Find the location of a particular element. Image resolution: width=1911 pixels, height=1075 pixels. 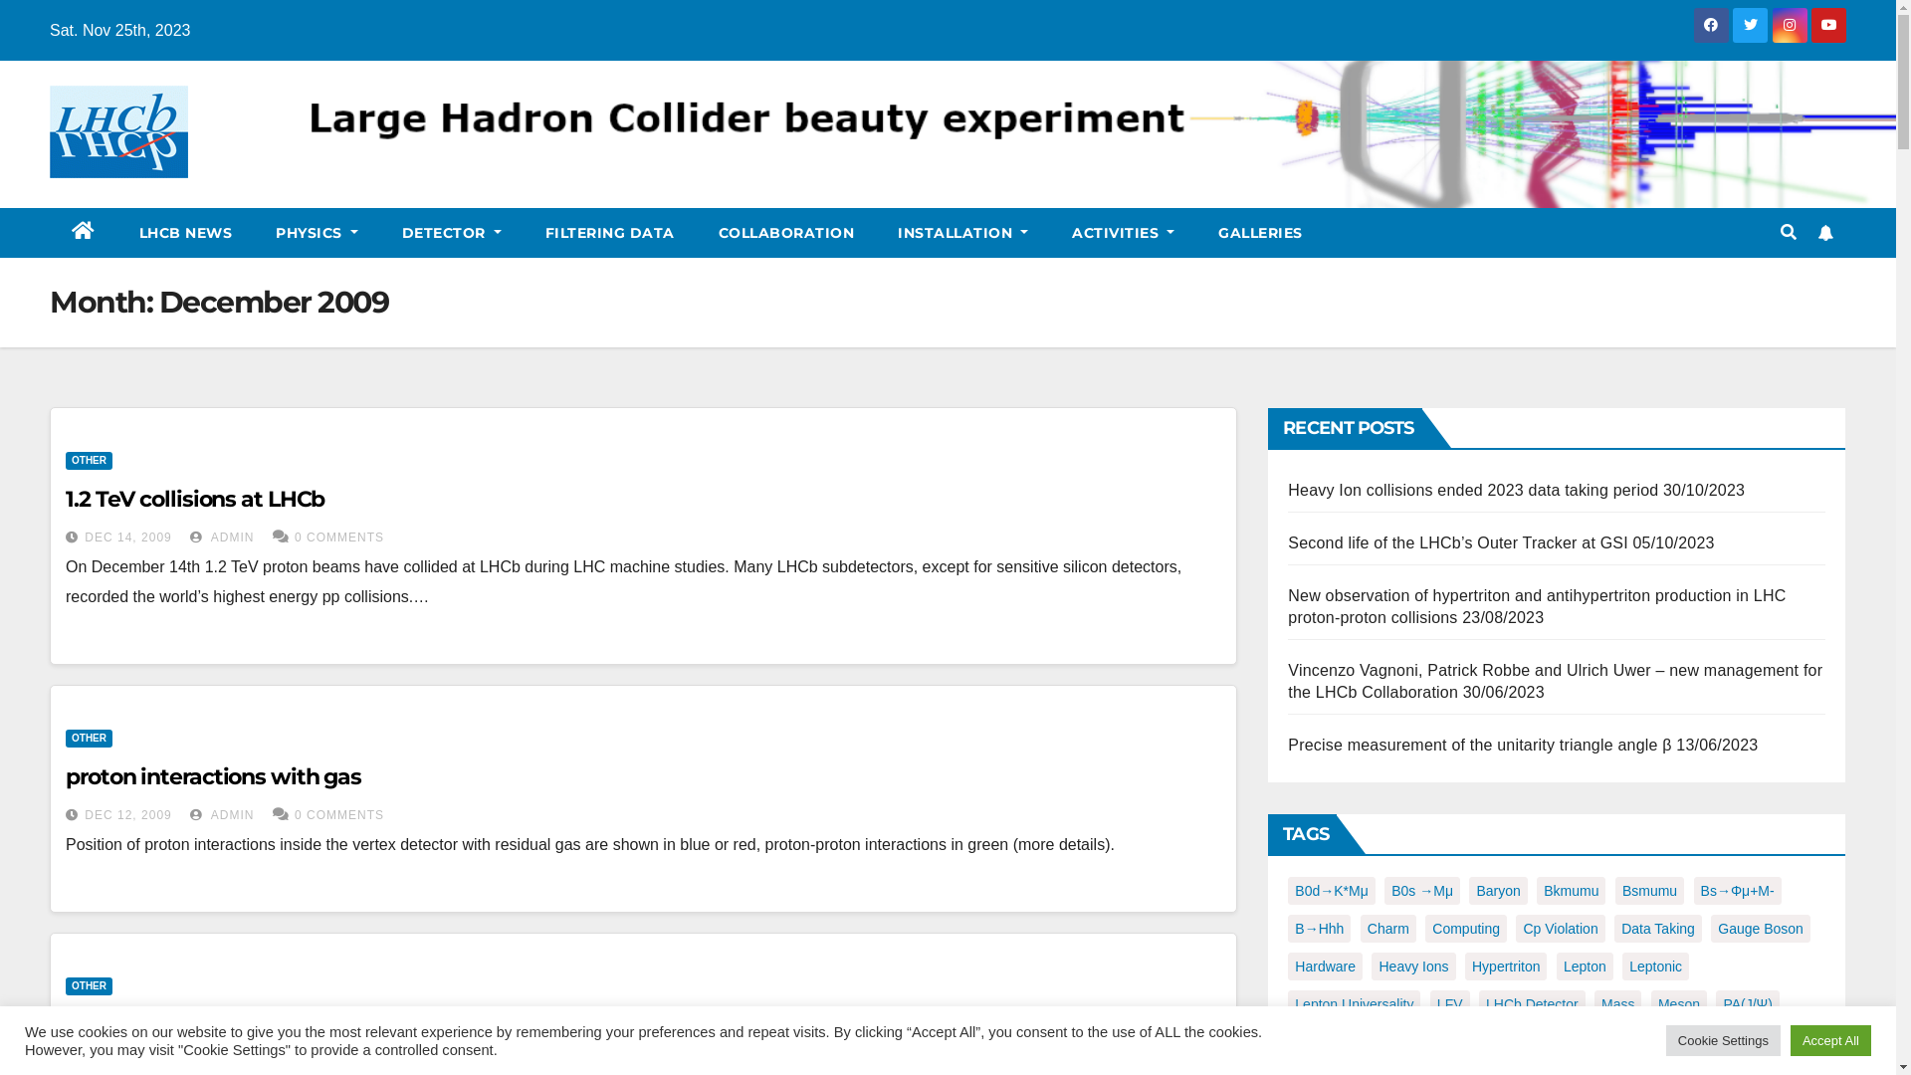

'Cookie Settings' is located at coordinates (1722, 1039).